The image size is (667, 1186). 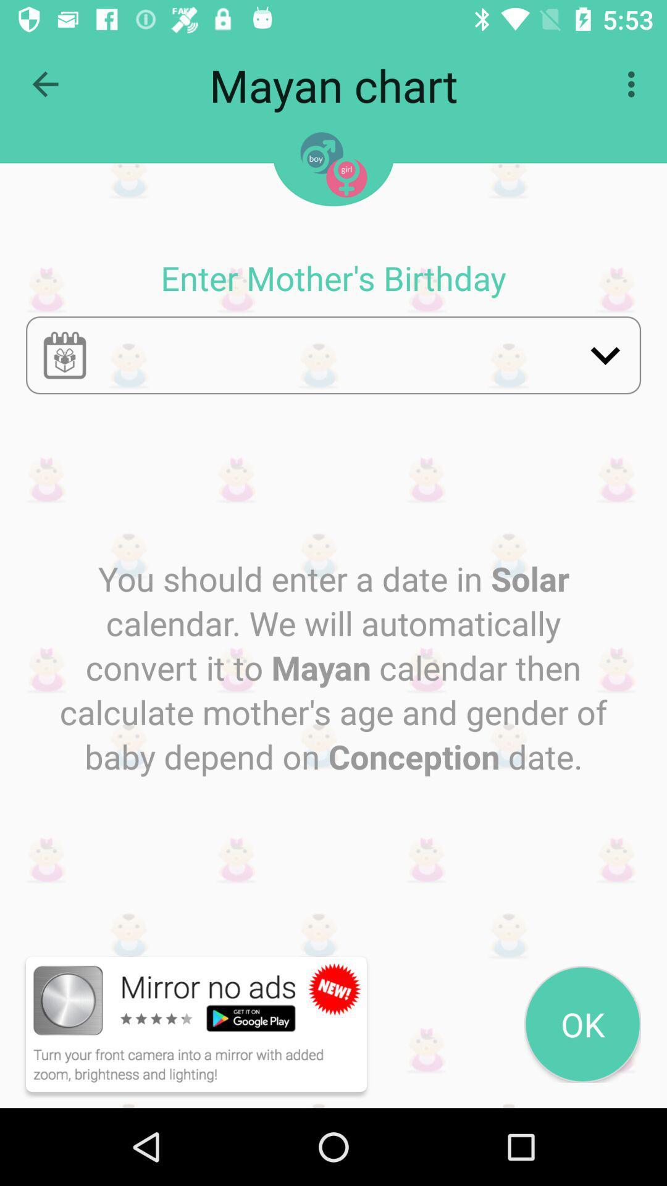 I want to click on calendar button, so click(x=65, y=355).